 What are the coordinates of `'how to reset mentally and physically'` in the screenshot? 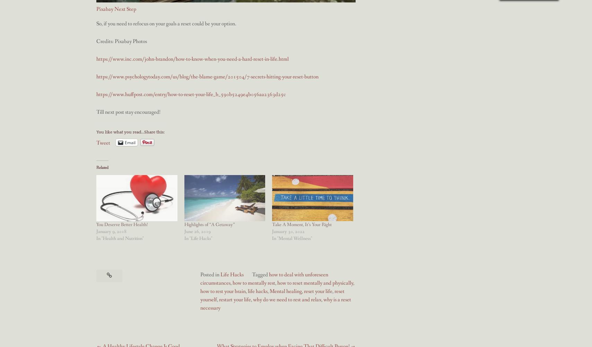 It's located at (277, 283).